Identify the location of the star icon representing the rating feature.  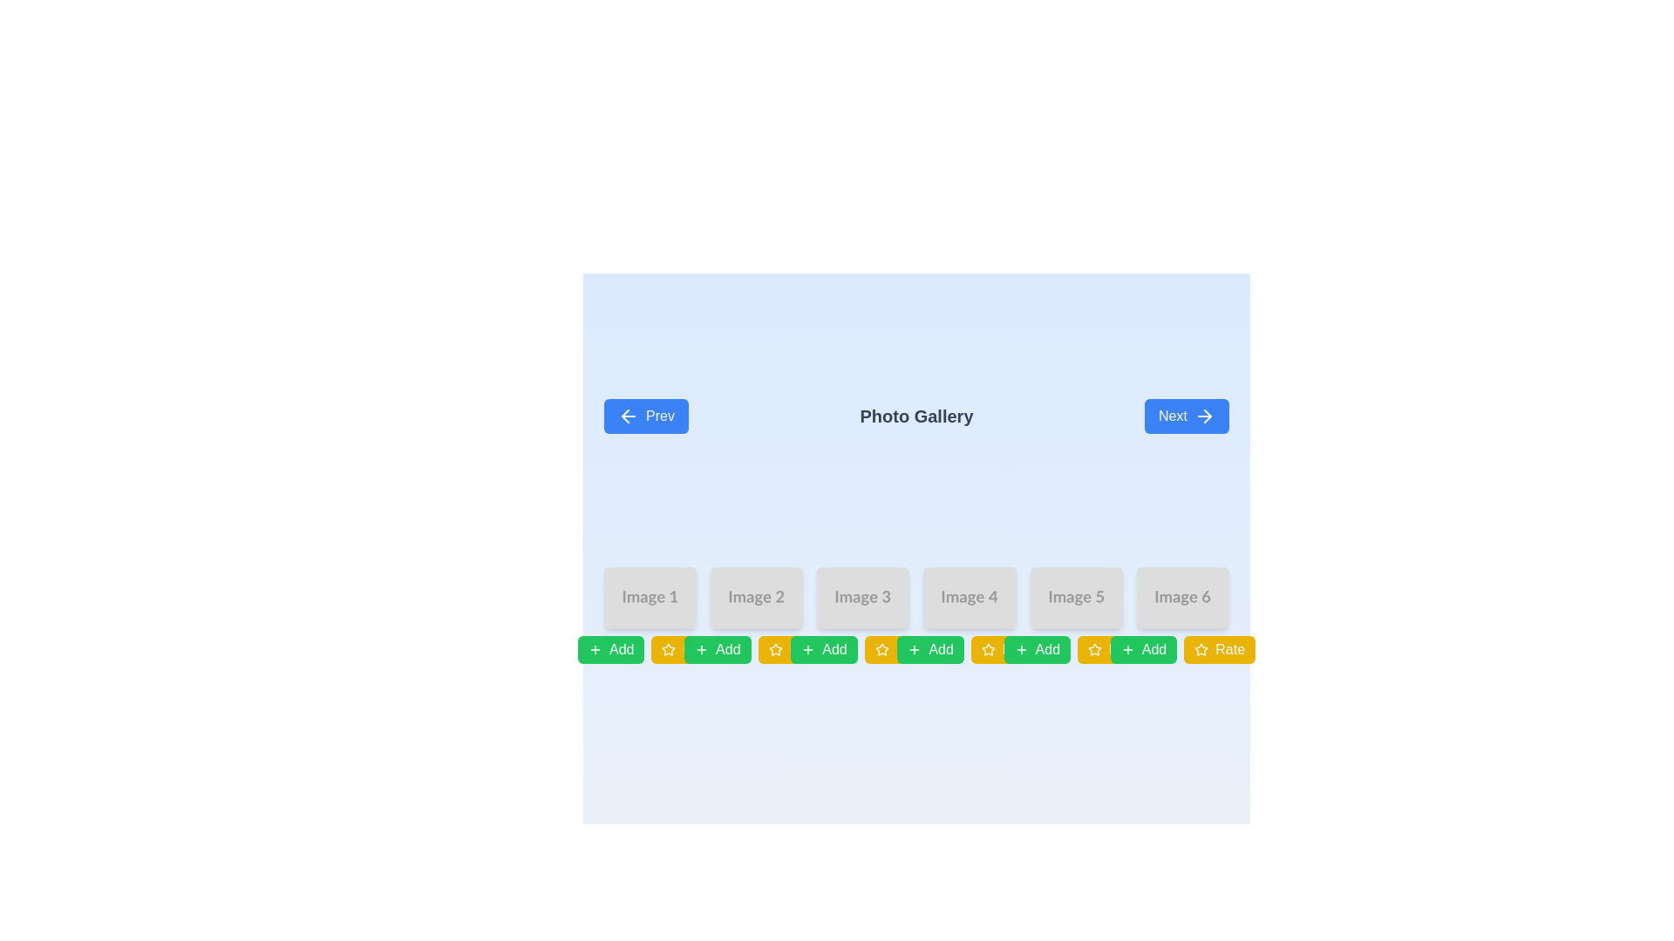
(773, 648).